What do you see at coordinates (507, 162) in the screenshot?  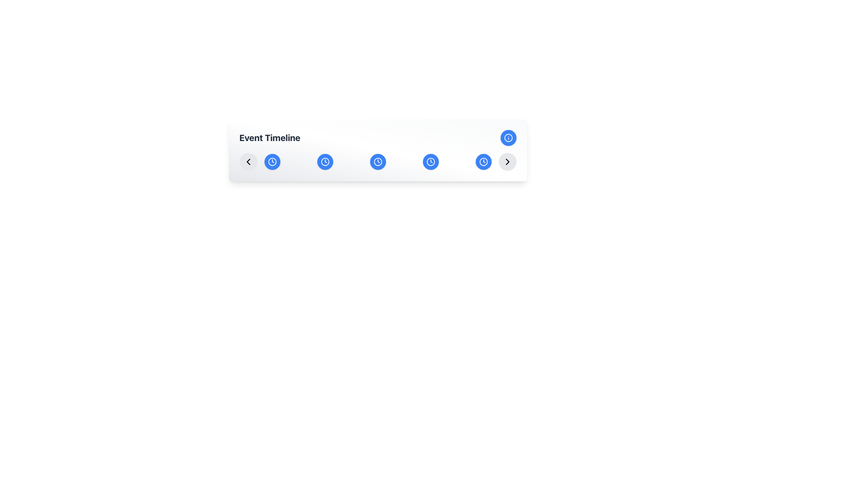 I see `the circular gray button with a right-pointing chevron arrow at the end of the timeline navigation bar` at bounding box center [507, 162].